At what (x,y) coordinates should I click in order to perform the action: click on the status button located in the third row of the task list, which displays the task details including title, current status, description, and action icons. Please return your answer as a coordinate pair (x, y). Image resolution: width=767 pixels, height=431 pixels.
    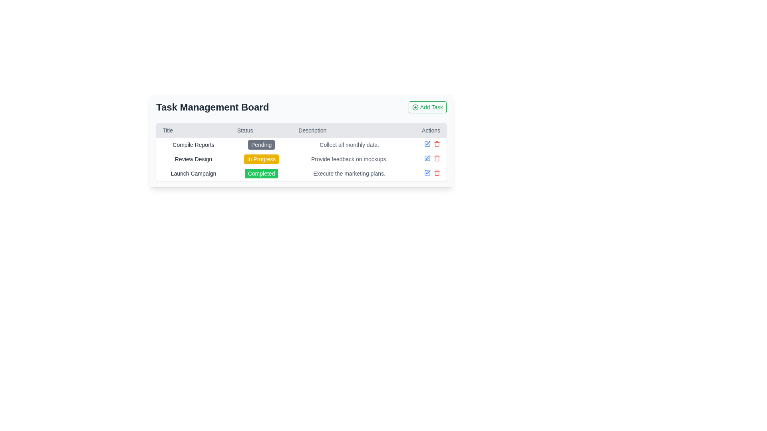
    Looking at the image, I should click on (301, 173).